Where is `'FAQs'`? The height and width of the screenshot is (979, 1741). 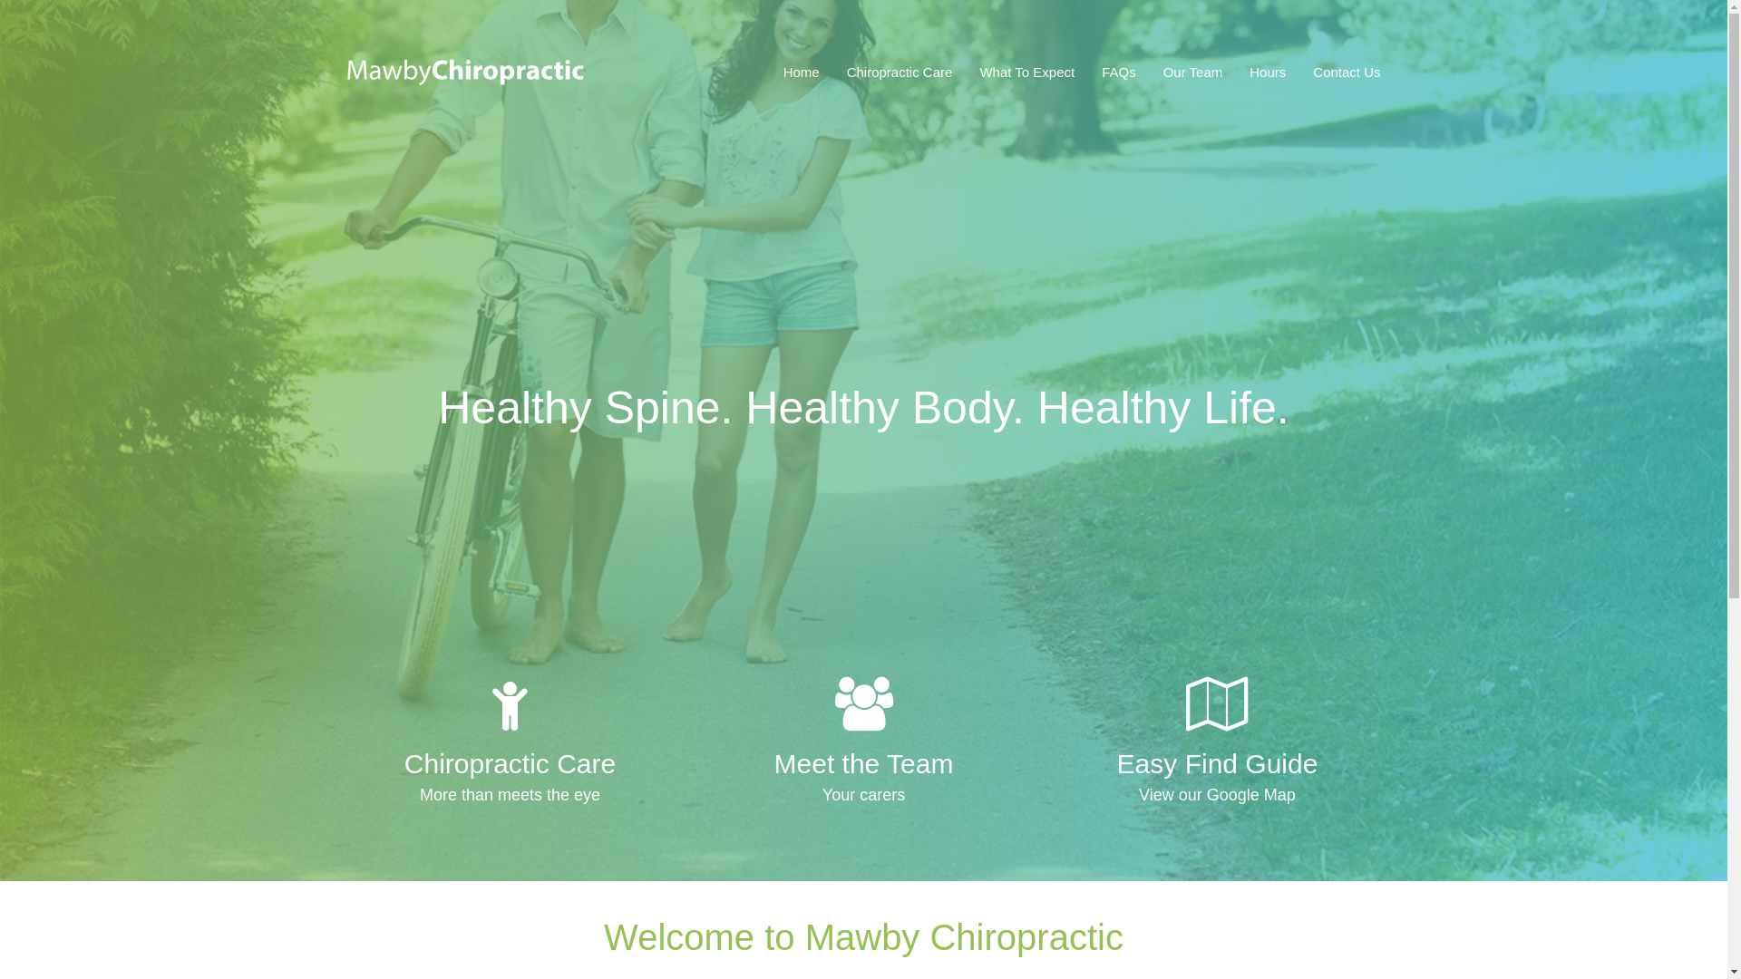
'FAQs' is located at coordinates (1117, 72).